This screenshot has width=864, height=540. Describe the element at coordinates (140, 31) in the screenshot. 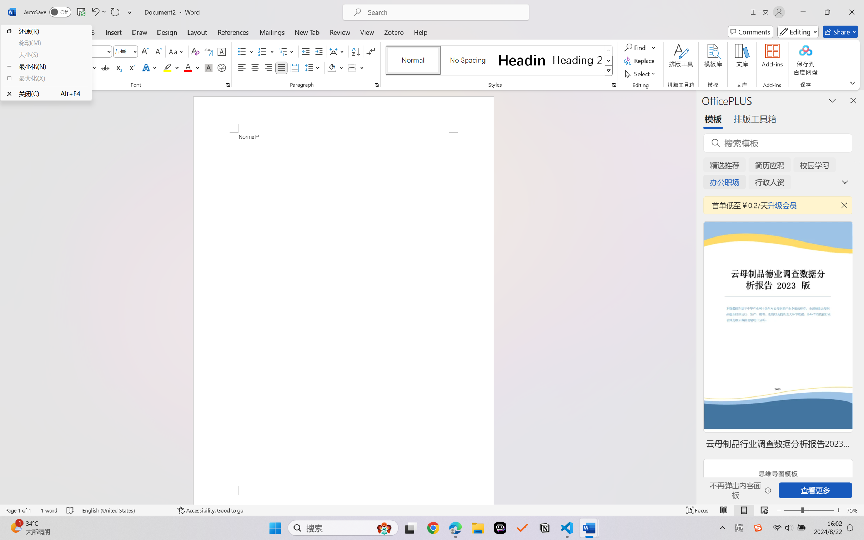

I see `'Draw'` at that location.